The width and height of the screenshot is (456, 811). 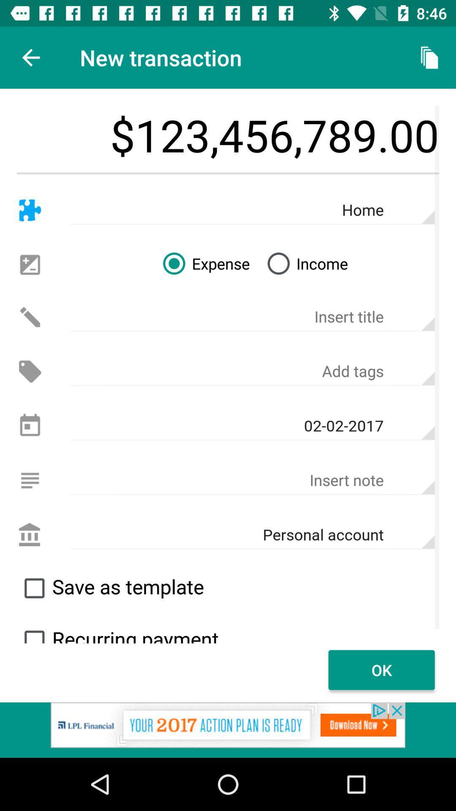 What do you see at coordinates (252, 480) in the screenshot?
I see `insert note` at bounding box center [252, 480].